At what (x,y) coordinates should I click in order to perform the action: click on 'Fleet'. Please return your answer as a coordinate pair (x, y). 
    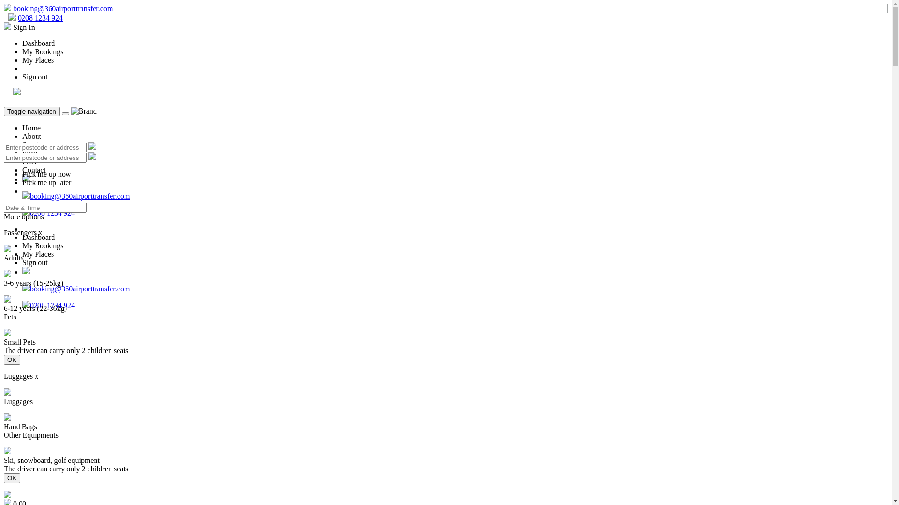
    Looking at the image, I should click on (29, 152).